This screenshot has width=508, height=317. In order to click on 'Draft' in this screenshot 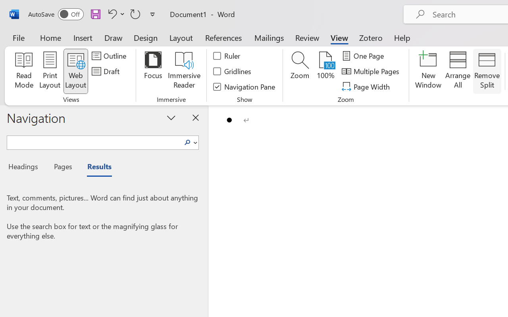, I will do `click(106, 71)`.